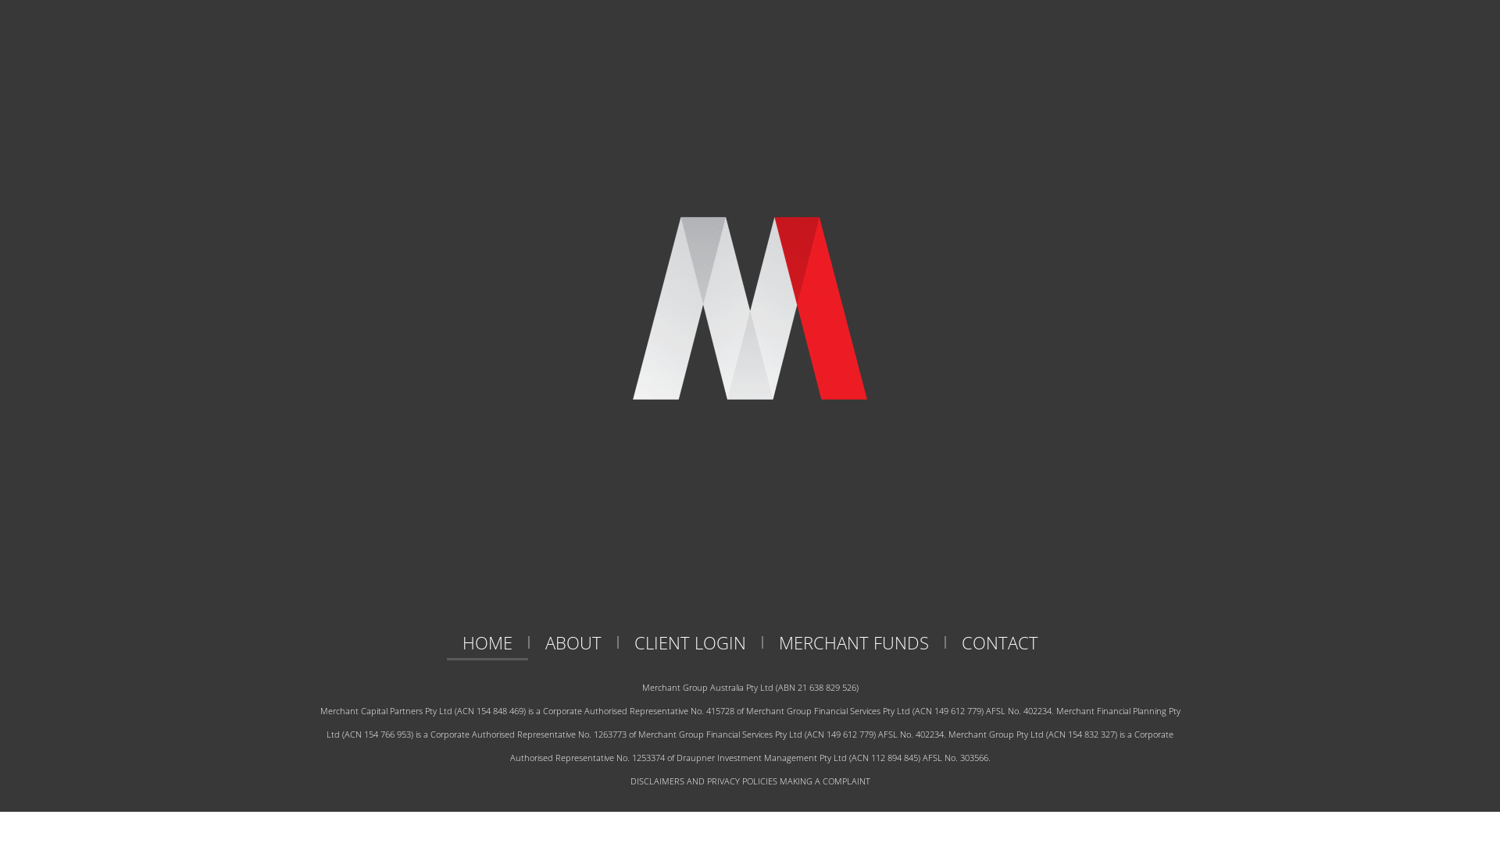 The height and width of the screenshot is (843, 1500). I want to click on 'MAKING A COMPLAINT', so click(780, 781).